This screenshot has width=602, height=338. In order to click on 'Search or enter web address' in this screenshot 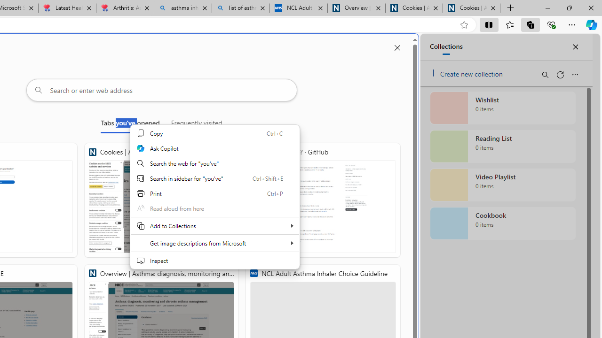, I will do `click(161, 90)`.